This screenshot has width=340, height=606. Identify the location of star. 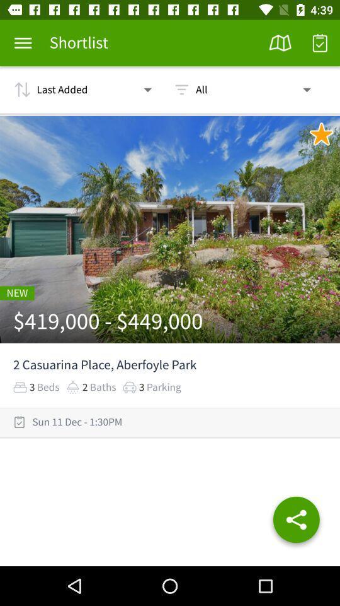
(321, 134).